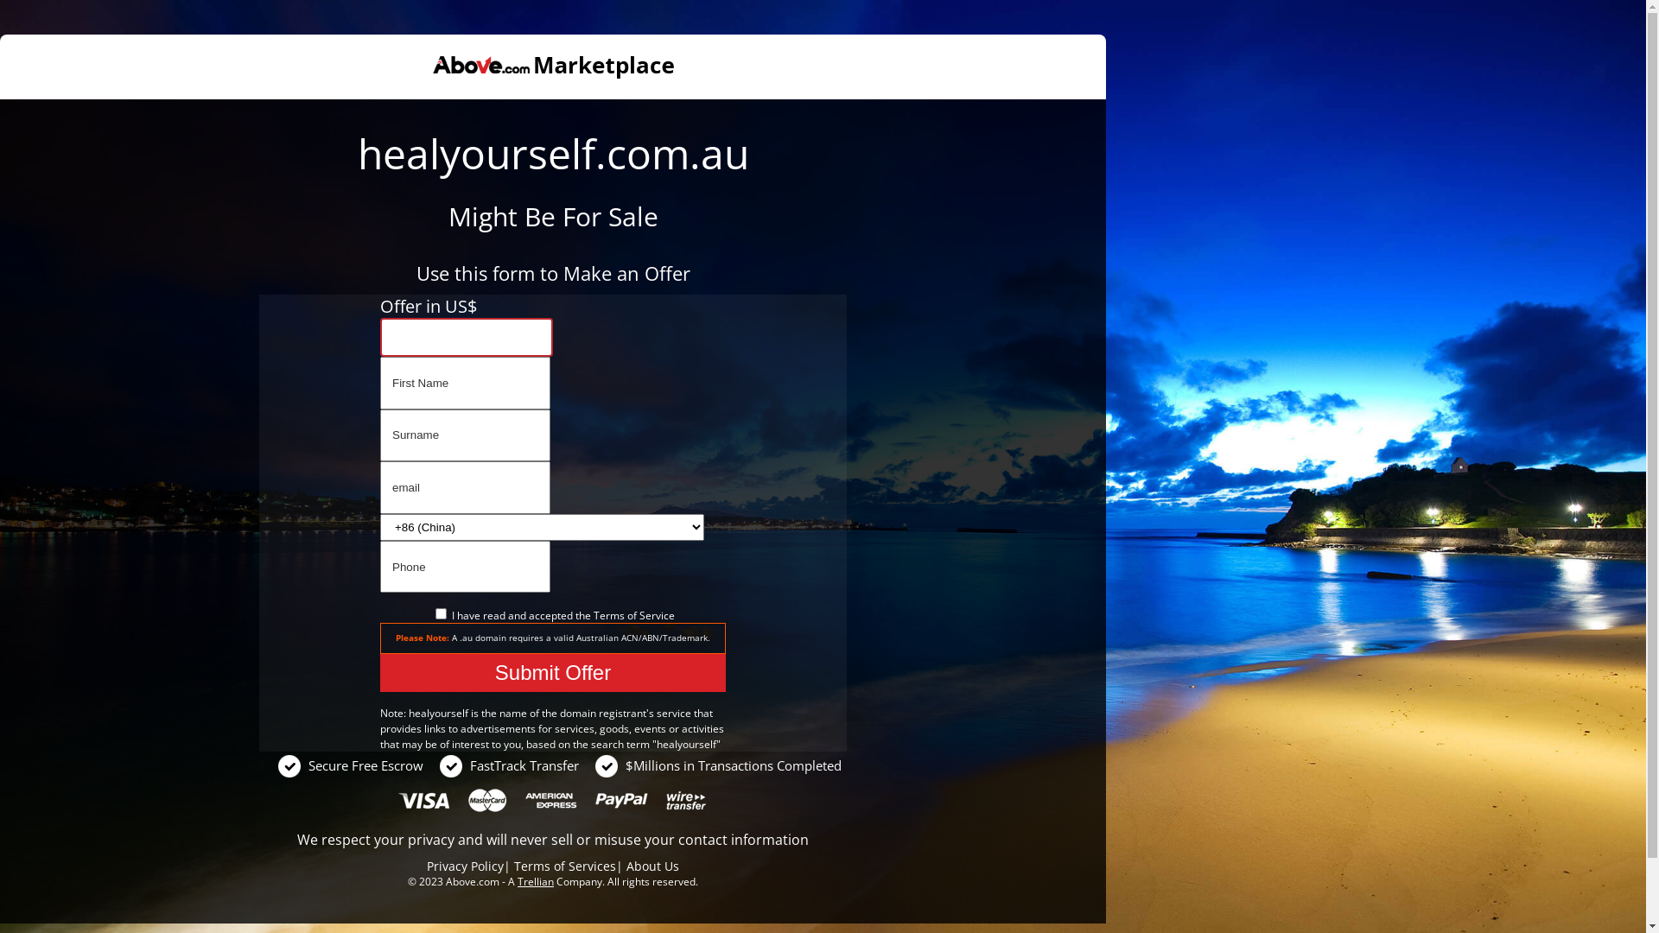 The height and width of the screenshot is (933, 1659). What do you see at coordinates (551, 672) in the screenshot?
I see `'Submit Offer'` at bounding box center [551, 672].